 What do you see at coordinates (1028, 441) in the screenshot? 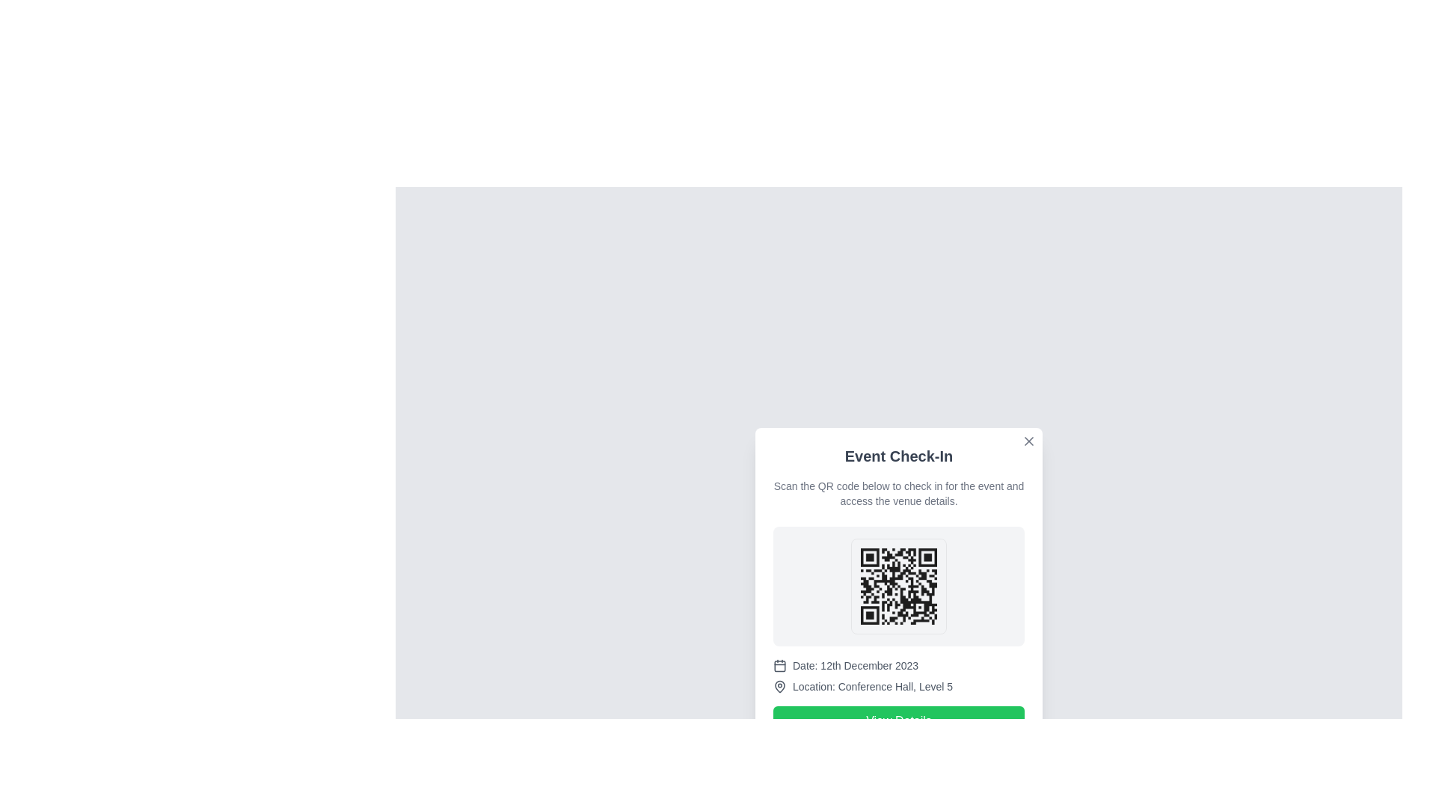
I see `the 'X' shaped close button in the top-right corner of the modal window containing event details, which is outlined in black and has no fill` at bounding box center [1028, 441].